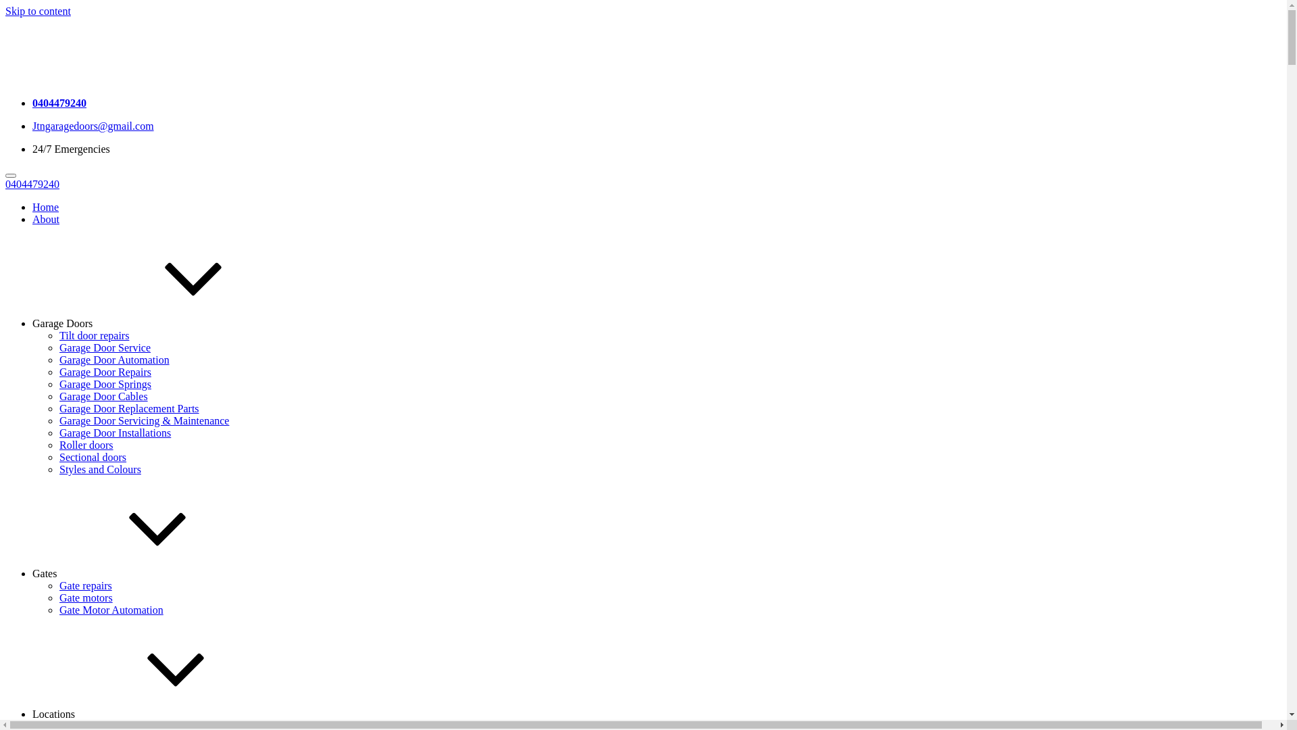 Image resolution: width=1297 pixels, height=730 pixels. I want to click on 'Gate Motor Automation', so click(111, 610).